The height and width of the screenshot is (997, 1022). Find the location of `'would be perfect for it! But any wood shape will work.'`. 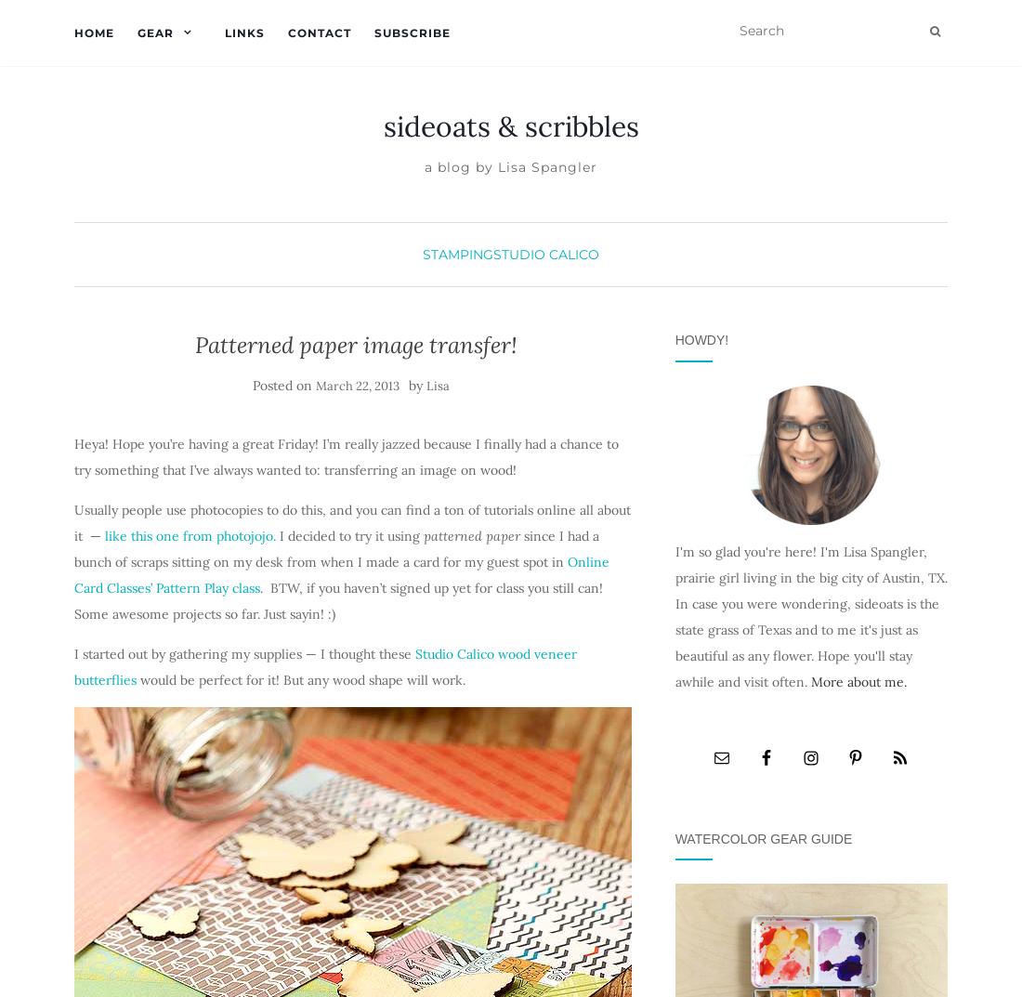

'would be perfect for it! But any wood shape will work.' is located at coordinates (299, 678).